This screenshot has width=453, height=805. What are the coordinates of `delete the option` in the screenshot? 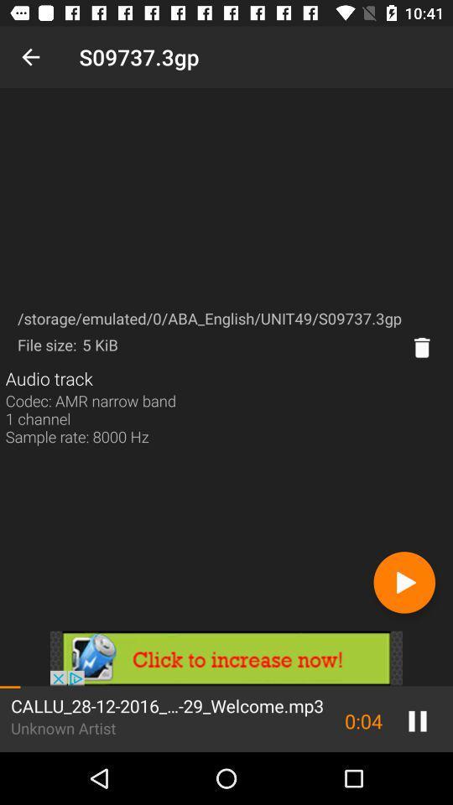 It's located at (421, 346).